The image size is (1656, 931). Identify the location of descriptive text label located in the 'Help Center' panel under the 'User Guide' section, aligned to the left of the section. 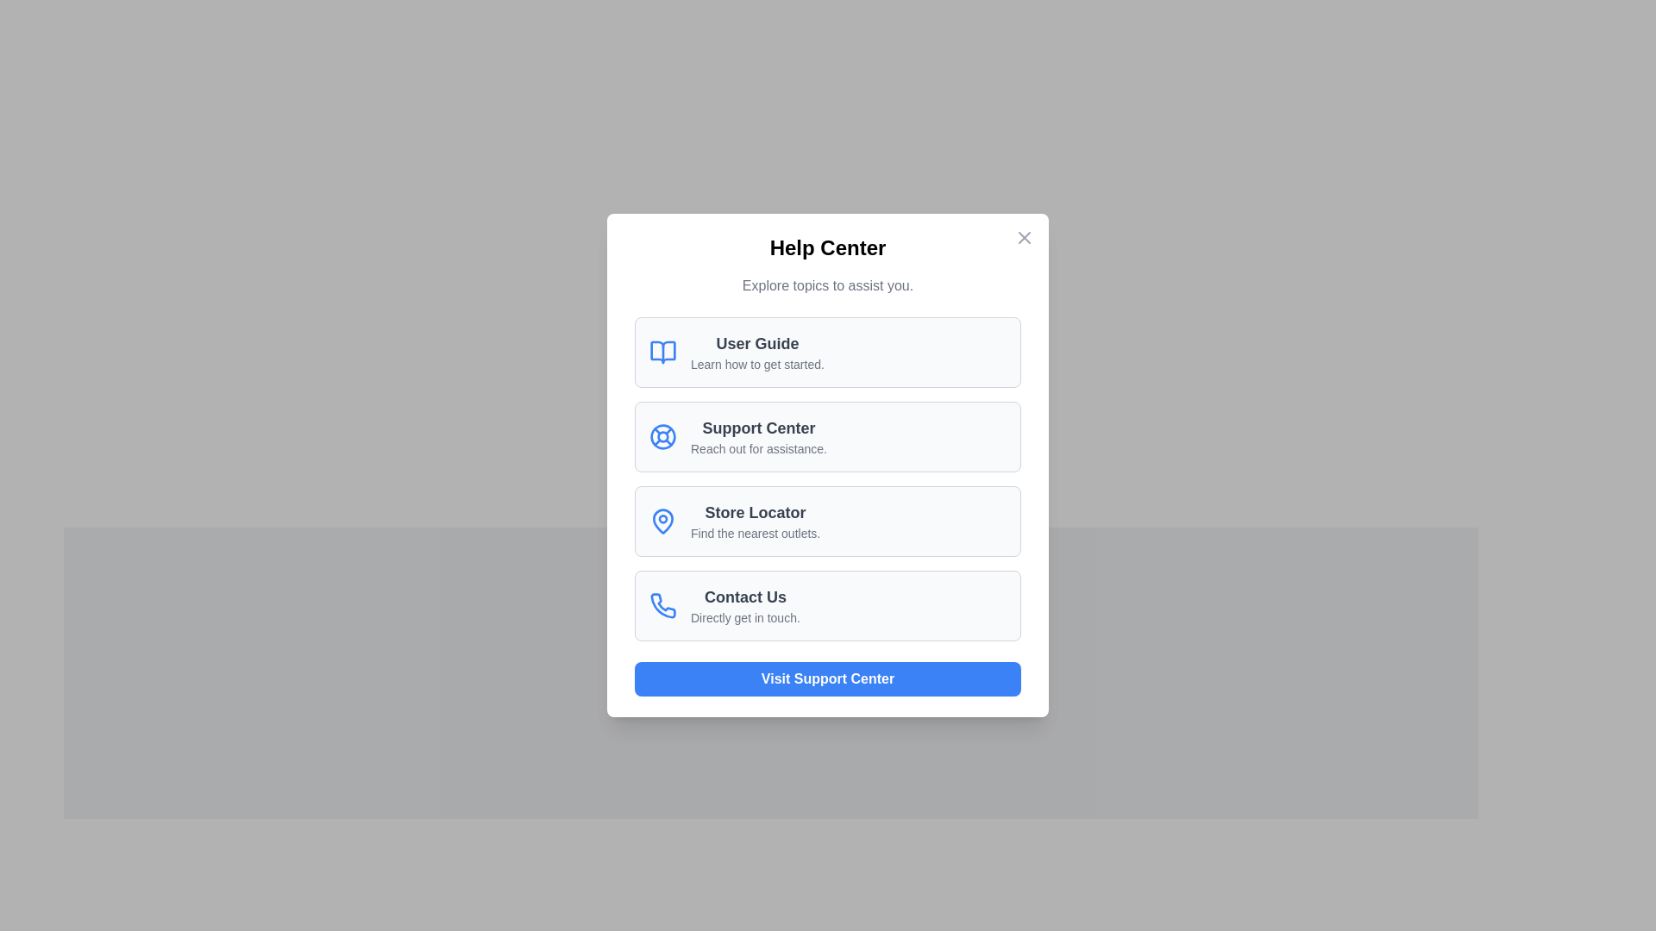
(757, 364).